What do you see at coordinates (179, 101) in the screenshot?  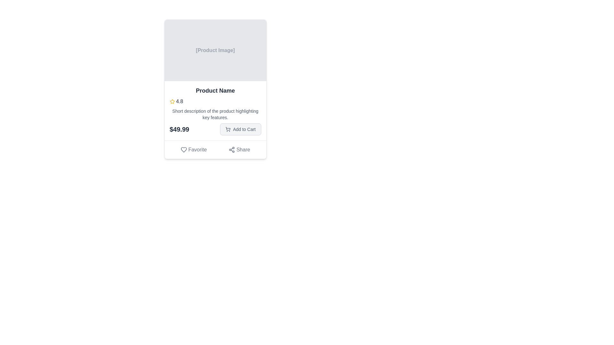 I see `the text display element that shows the rating score associated with the product, located right after the yellow star icon in the product description panel` at bounding box center [179, 101].